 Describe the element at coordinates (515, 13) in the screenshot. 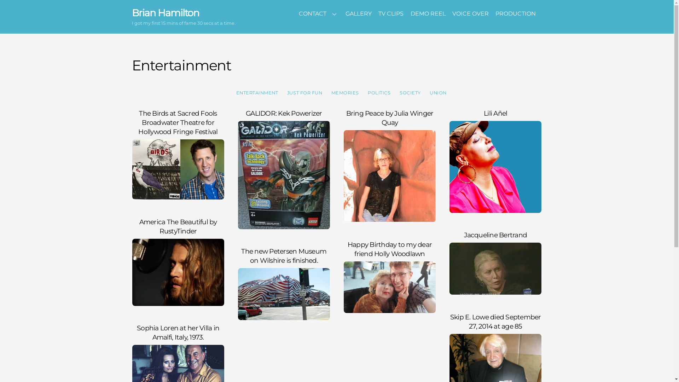

I see `'PRODUCTION'` at that location.